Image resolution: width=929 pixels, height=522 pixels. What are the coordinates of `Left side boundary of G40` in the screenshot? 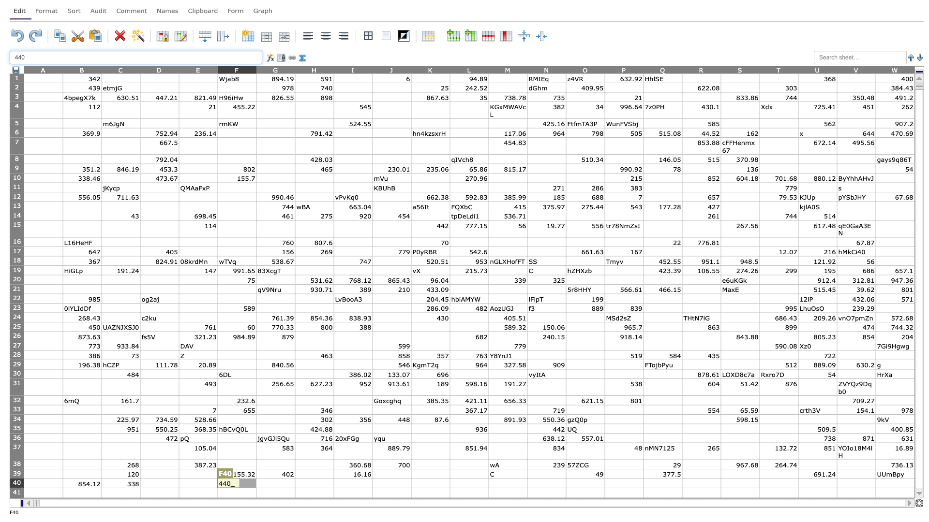 It's located at (256, 483).